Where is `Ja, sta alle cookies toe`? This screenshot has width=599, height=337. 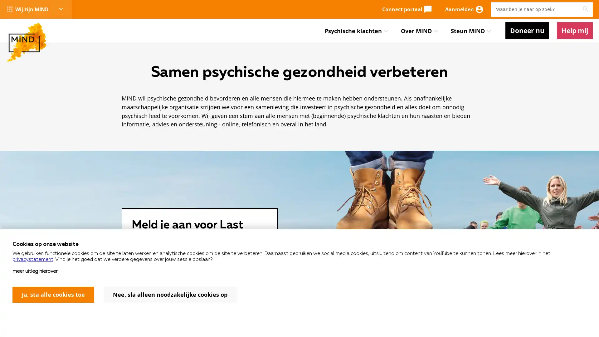 Ja, sta alle cookies toe is located at coordinates (53, 295).